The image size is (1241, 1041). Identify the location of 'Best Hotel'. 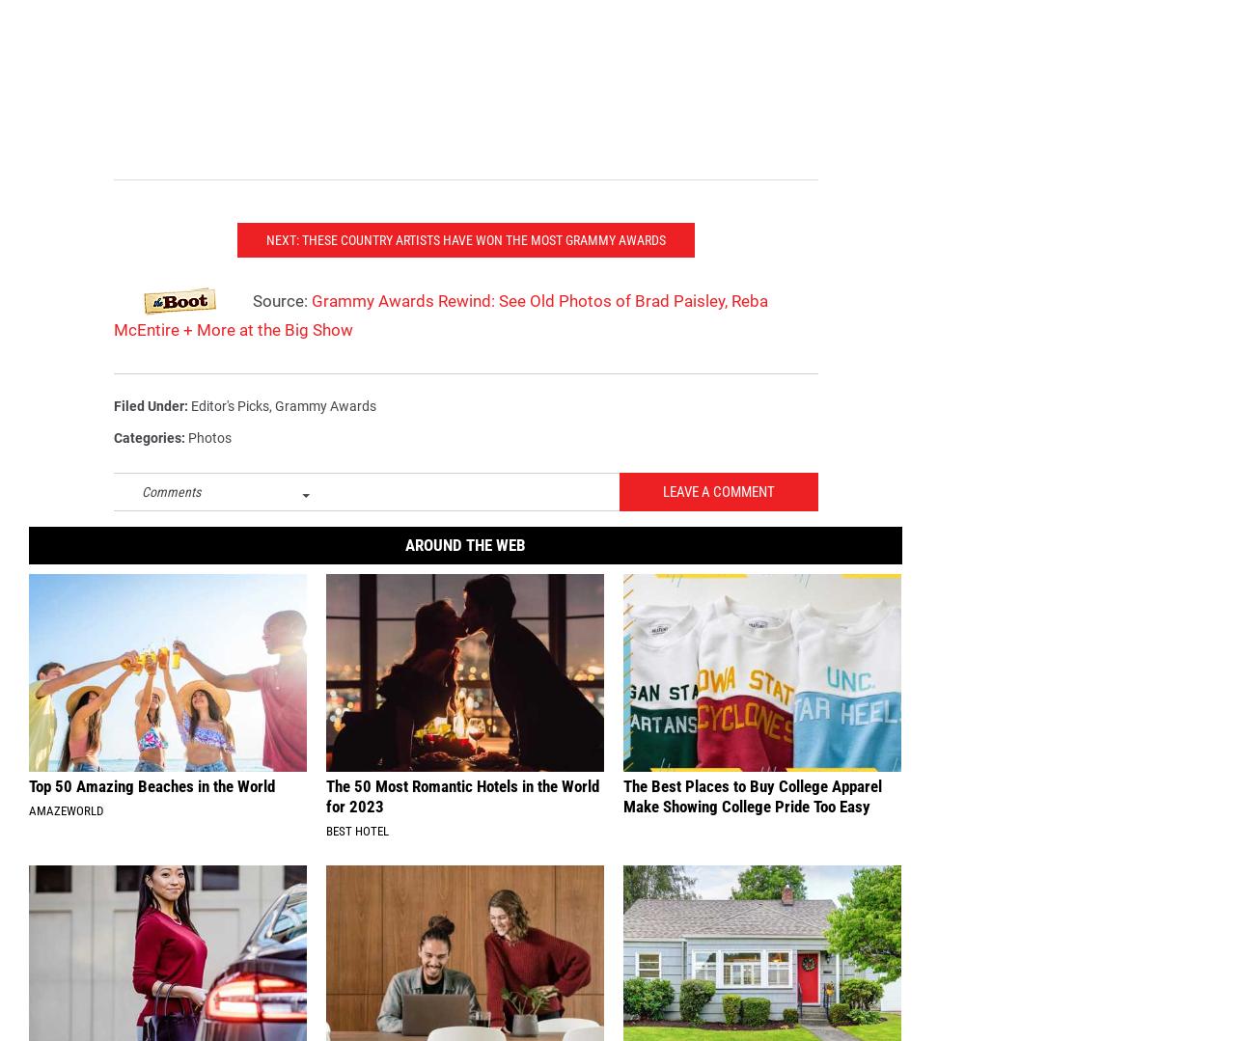
(324, 861).